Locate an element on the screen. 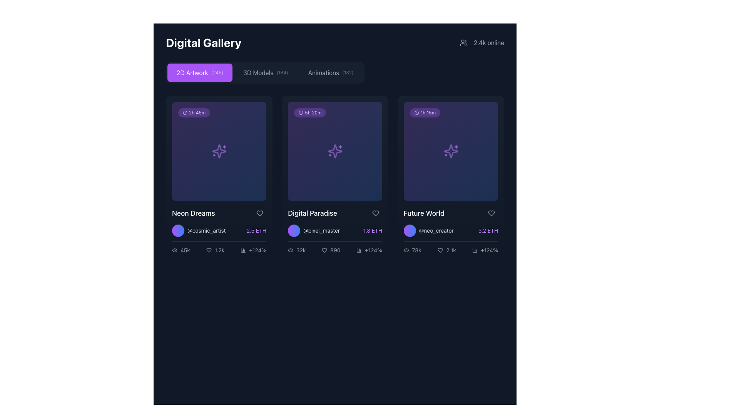  the heart icon located in the bottom section of the 'Digital Paradise' card to like or favorite the content is located at coordinates (324, 250).